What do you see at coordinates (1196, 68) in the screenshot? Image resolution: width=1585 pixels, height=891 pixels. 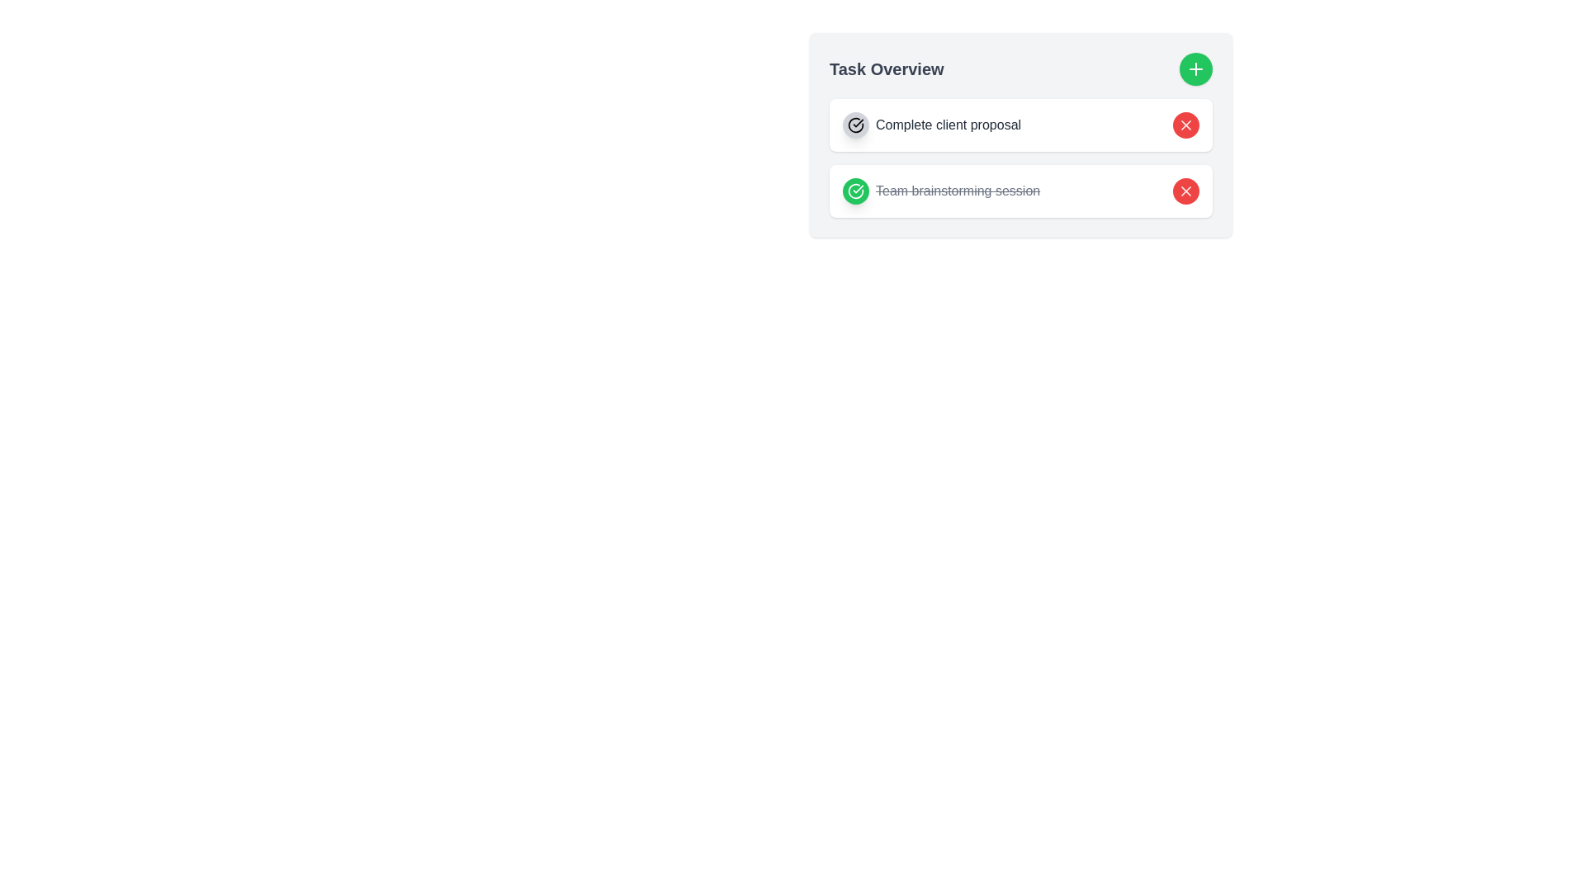 I see `the action button located at the top-right corner of the 'Task Overview' card` at bounding box center [1196, 68].